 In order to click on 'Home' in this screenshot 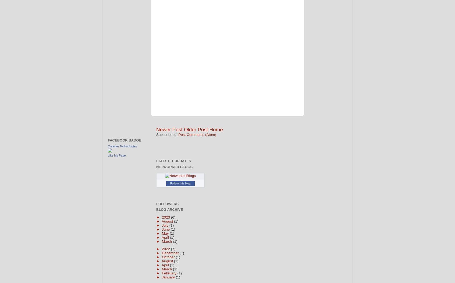, I will do `click(216, 129)`.